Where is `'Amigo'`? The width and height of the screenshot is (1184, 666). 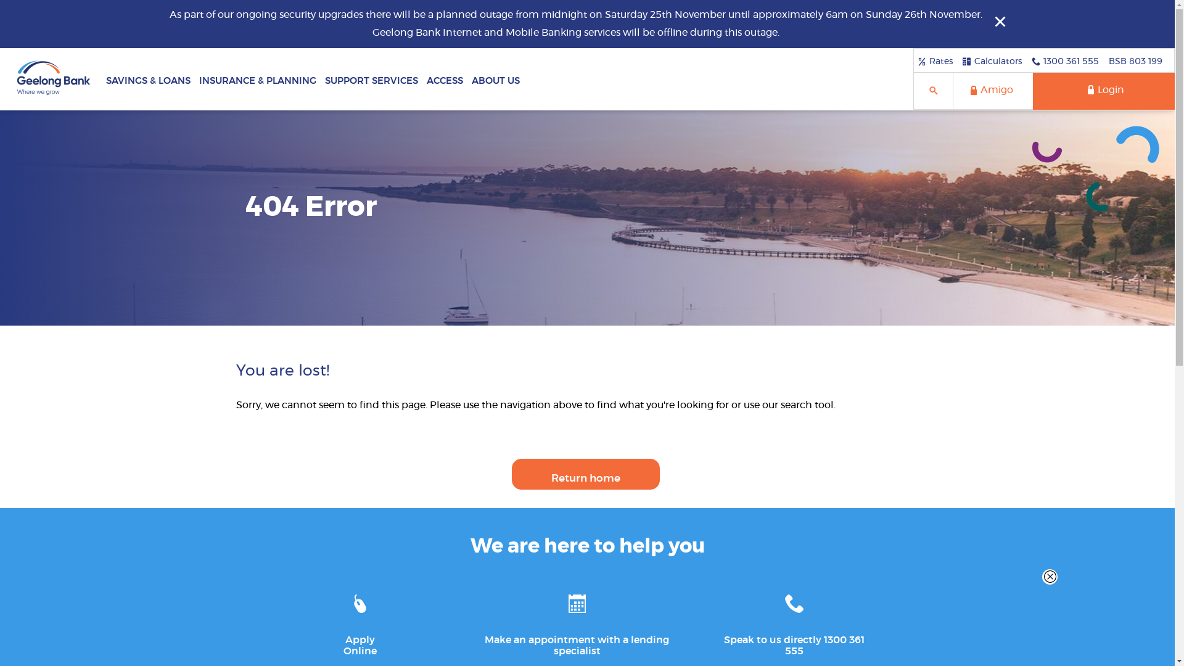 'Amigo' is located at coordinates (992, 90).